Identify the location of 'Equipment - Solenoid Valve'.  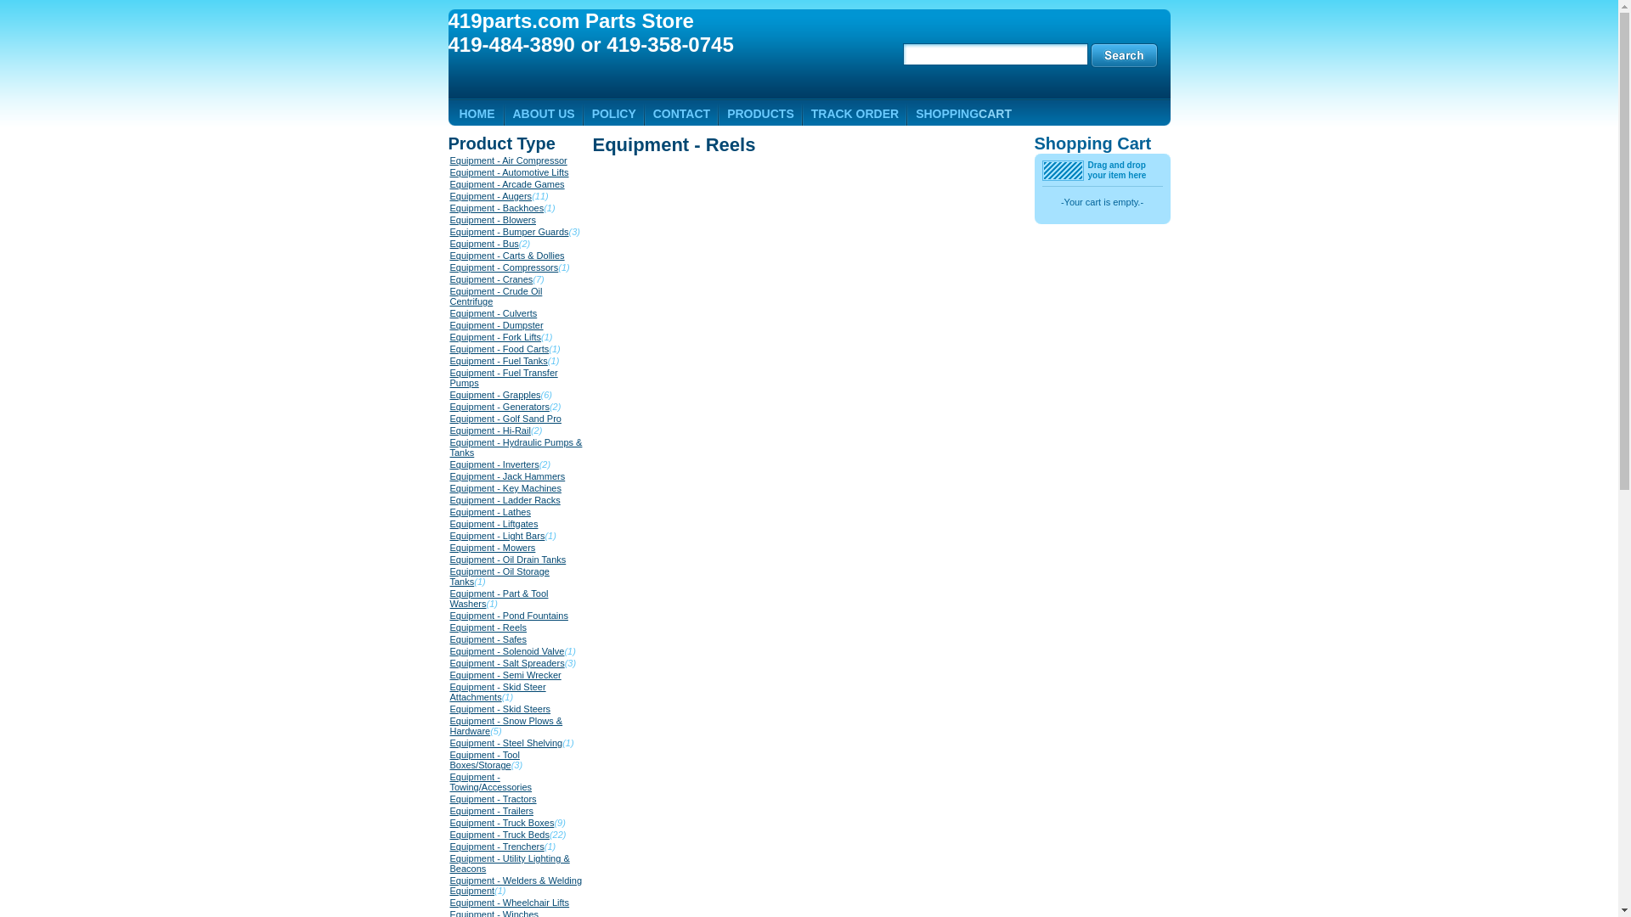
(506, 650).